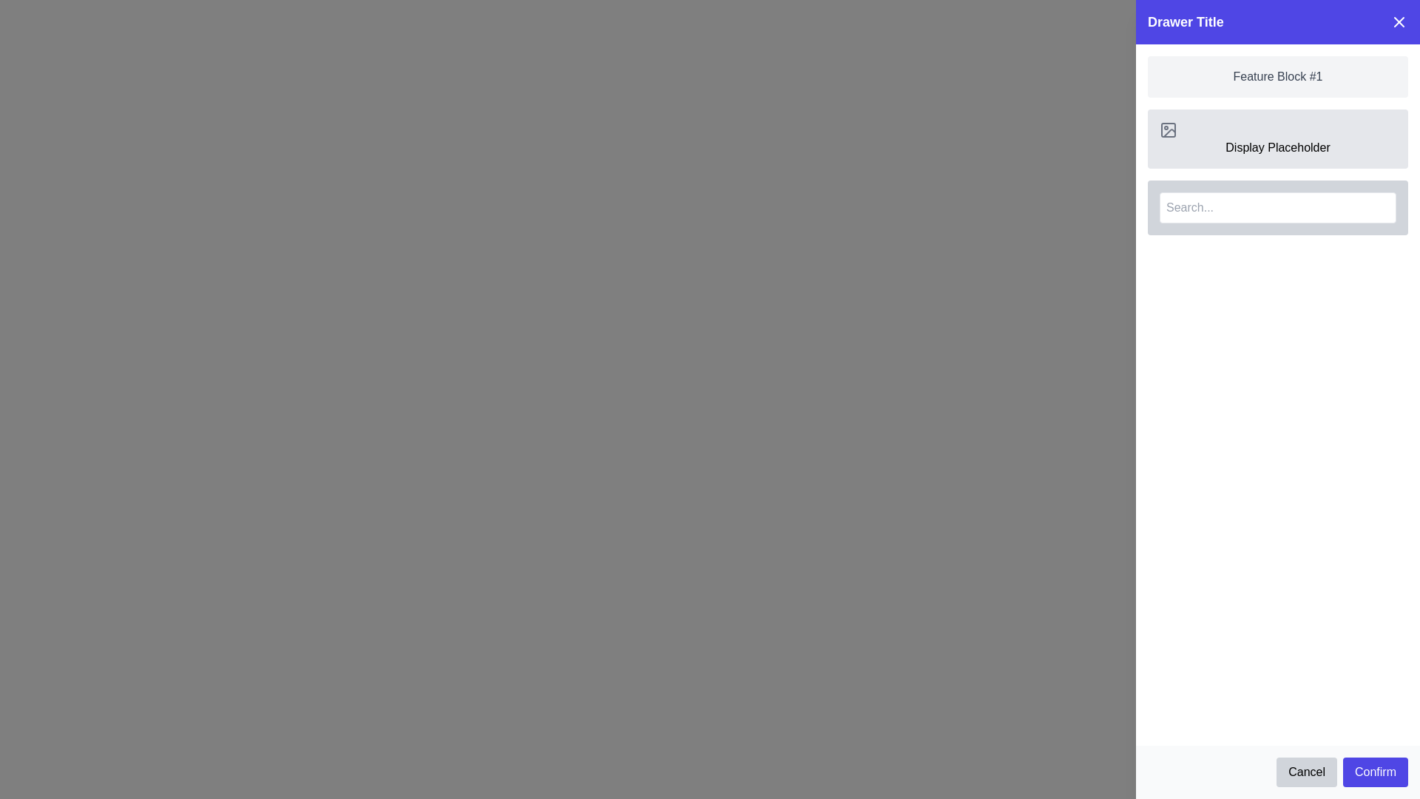 The width and height of the screenshot is (1420, 799). Describe the element at coordinates (1277, 139) in the screenshot. I see `placeholder text 'Display Placeholder' from the Display block, which is a rectangular area with rounded corners and a light gray background, located below 'Feature Block #1'` at that location.